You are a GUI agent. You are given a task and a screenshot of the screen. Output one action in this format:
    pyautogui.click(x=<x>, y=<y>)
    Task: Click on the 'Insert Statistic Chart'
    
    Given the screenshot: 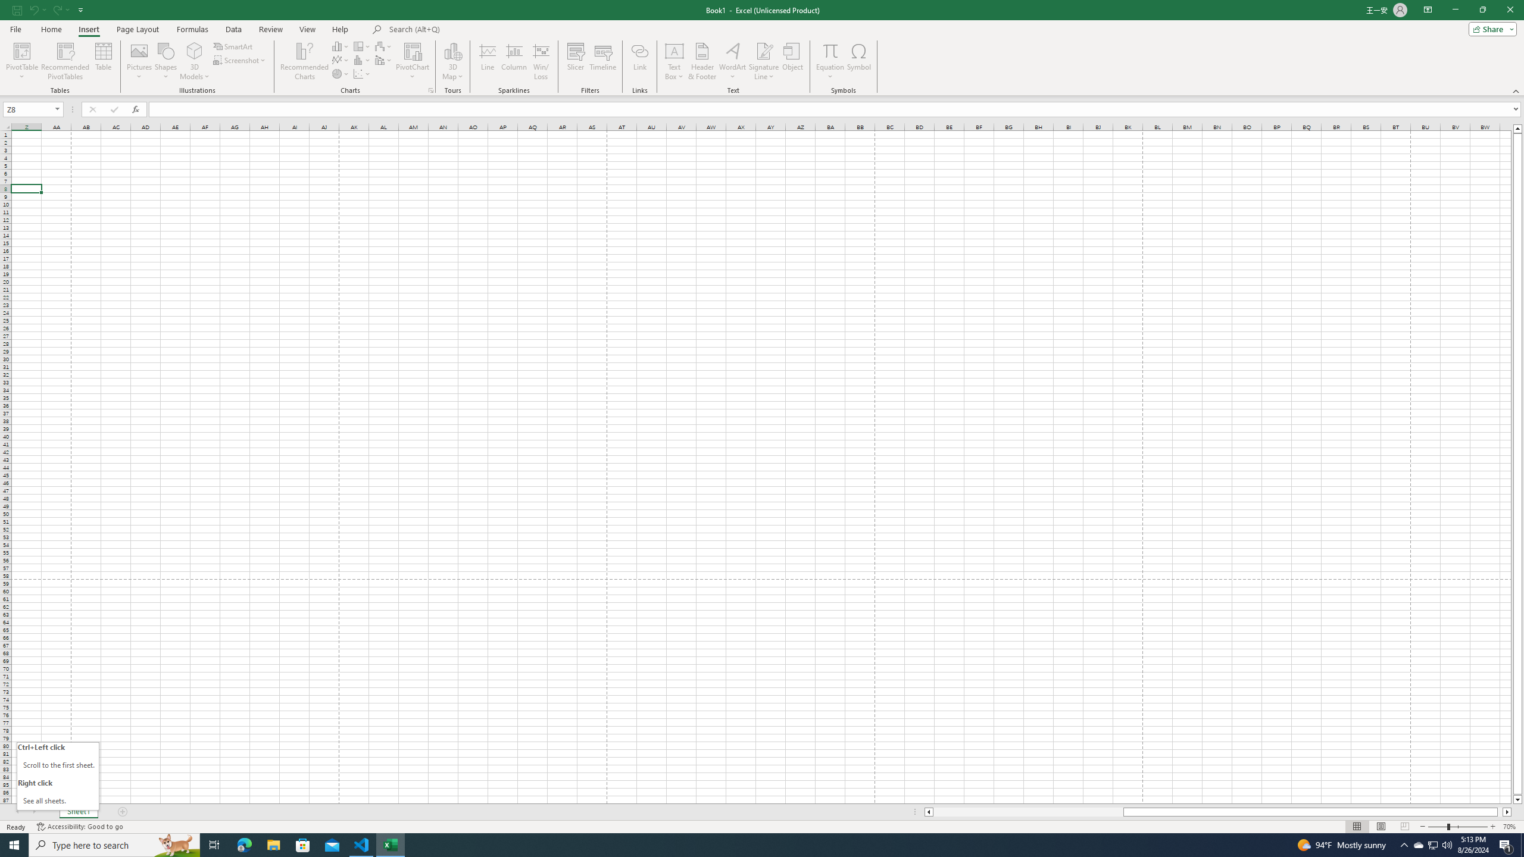 What is the action you would take?
    pyautogui.click(x=362, y=59)
    